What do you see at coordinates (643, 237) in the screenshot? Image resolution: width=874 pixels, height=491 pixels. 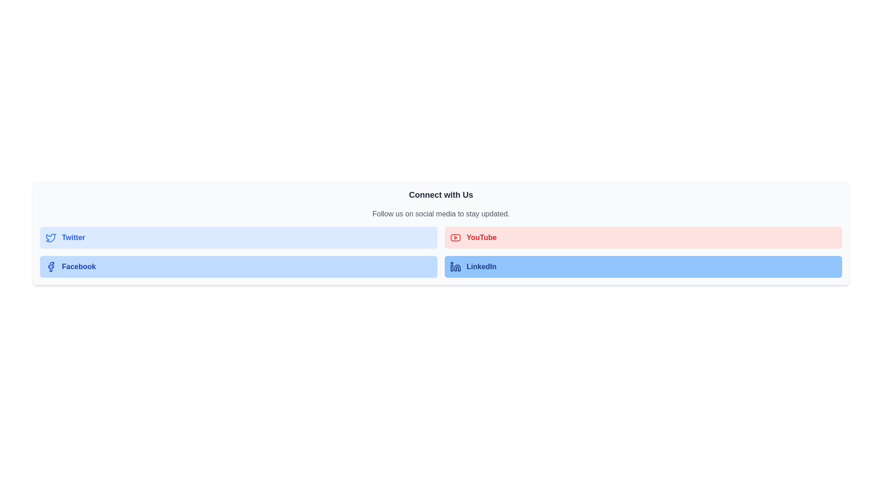 I see `the clickable button styled as a hyperlink` at bounding box center [643, 237].